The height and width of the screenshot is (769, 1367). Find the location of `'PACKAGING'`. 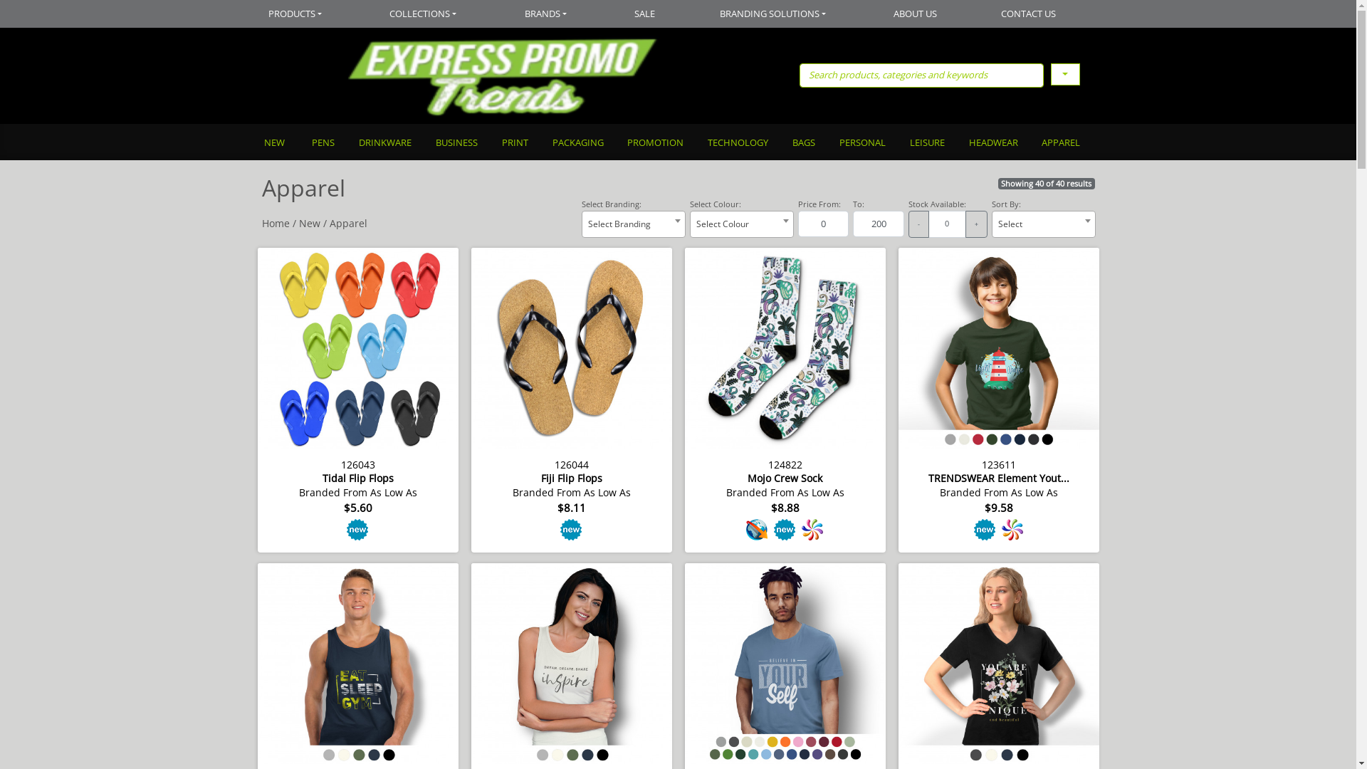

'PACKAGING' is located at coordinates (577, 143).